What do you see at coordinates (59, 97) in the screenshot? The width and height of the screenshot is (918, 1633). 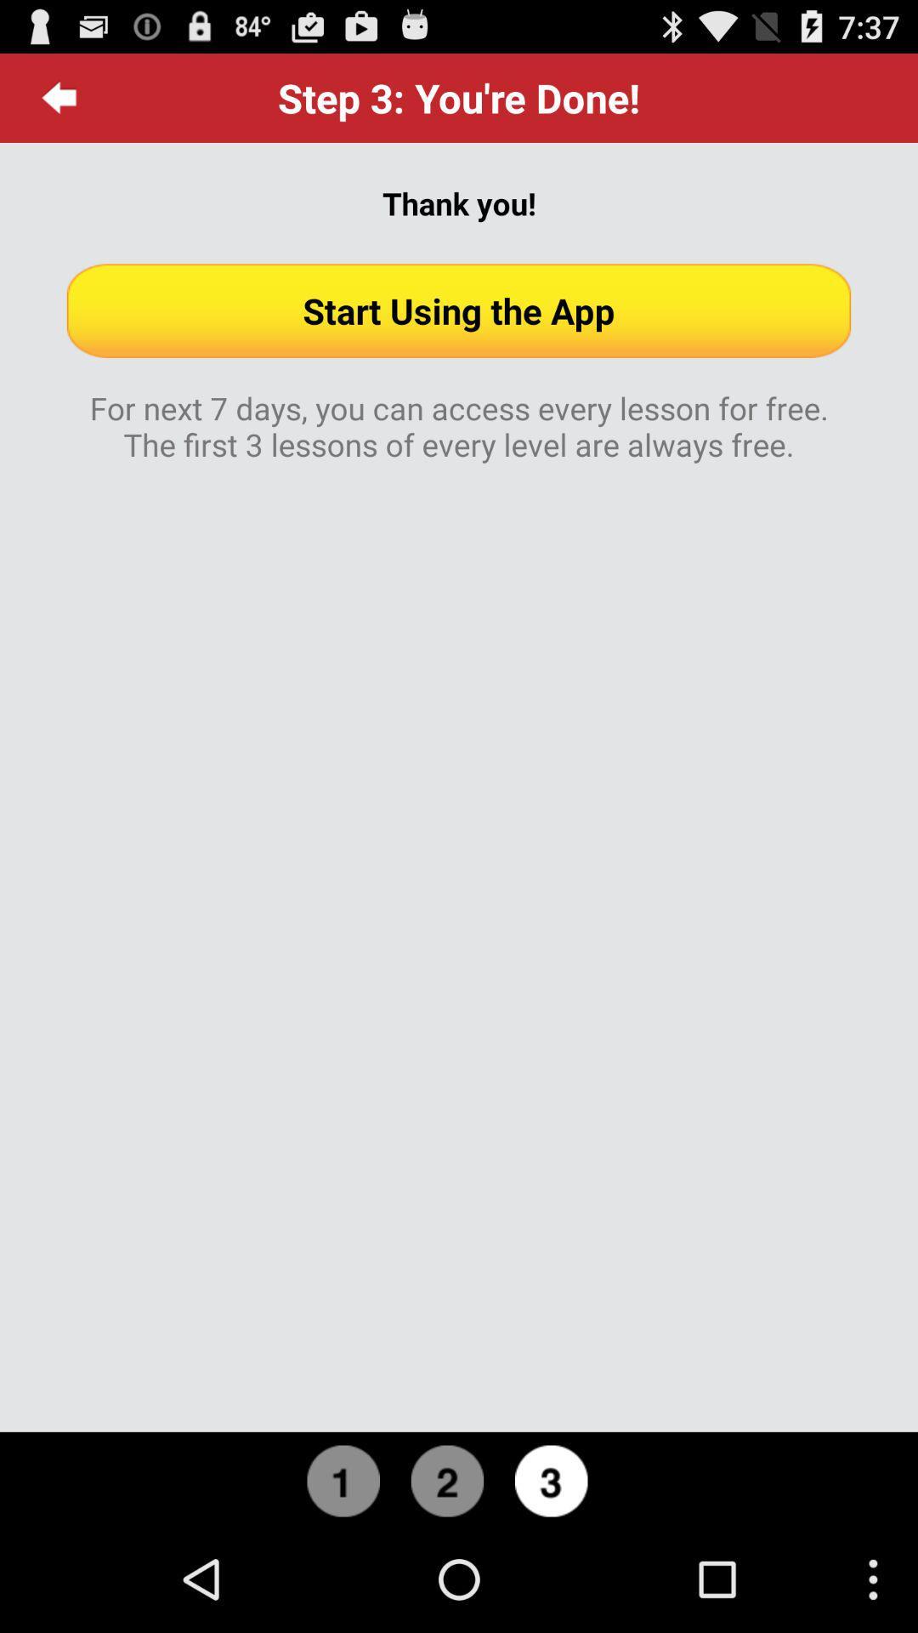 I see `icon above thank you! icon` at bounding box center [59, 97].